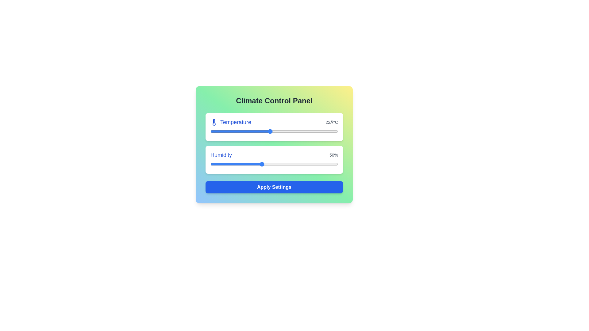 The width and height of the screenshot is (589, 331). Describe the element at coordinates (278, 131) in the screenshot. I see `the temperature` at that location.